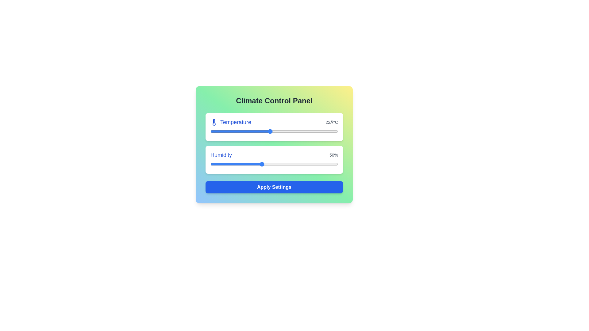 The width and height of the screenshot is (589, 331). Describe the element at coordinates (278, 131) in the screenshot. I see `the temperature` at that location.